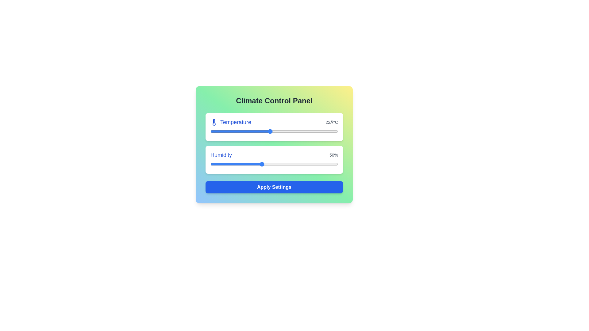 The width and height of the screenshot is (589, 331). Describe the element at coordinates (278, 131) in the screenshot. I see `the temperature` at that location.